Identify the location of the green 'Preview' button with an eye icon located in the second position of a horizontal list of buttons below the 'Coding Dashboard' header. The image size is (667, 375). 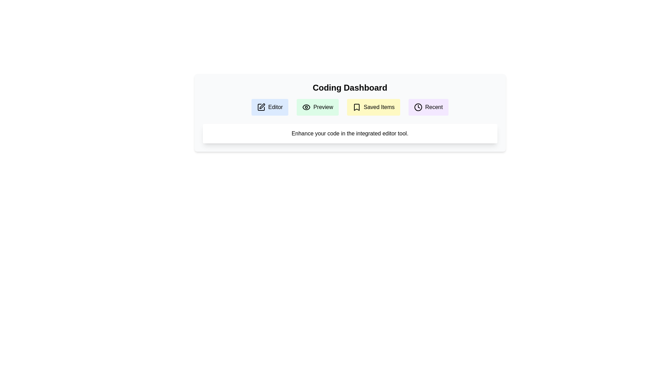
(317, 107).